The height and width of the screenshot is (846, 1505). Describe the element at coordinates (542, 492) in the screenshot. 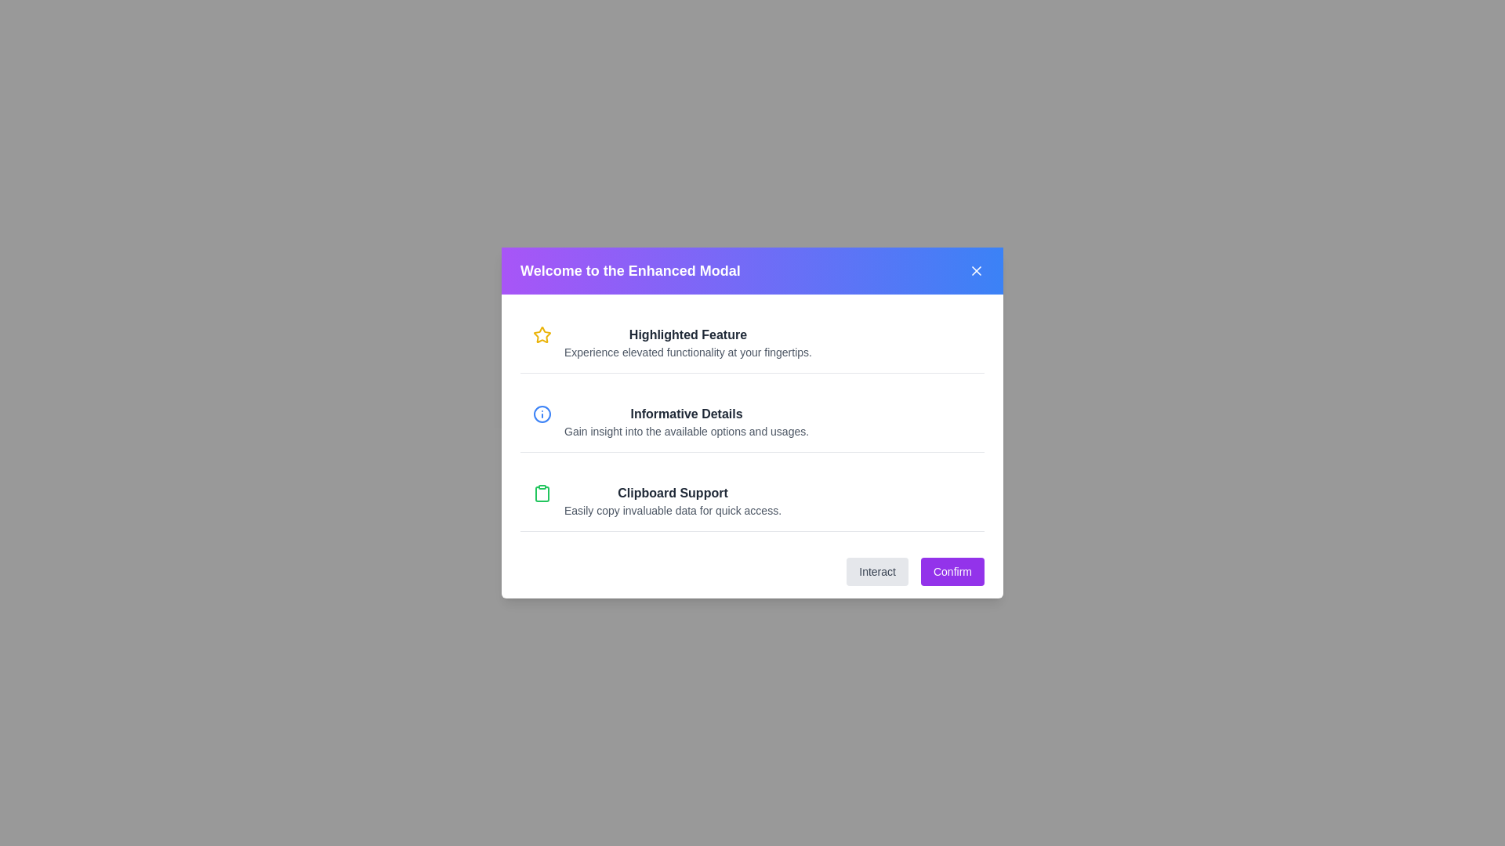

I see `the clipboard icon located above the descriptive text 'Easily copy invaluable data for quick access.' in the layout for visual cues` at that location.